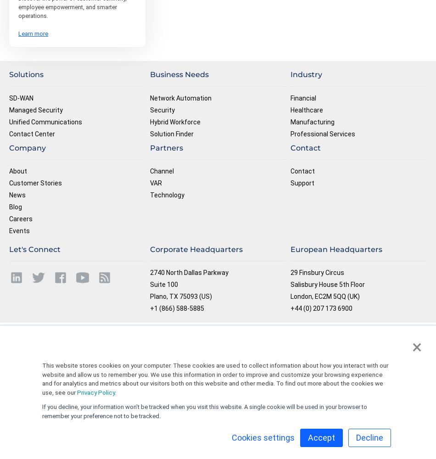  What do you see at coordinates (307, 109) in the screenshot?
I see `'Healthcare'` at bounding box center [307, 109].